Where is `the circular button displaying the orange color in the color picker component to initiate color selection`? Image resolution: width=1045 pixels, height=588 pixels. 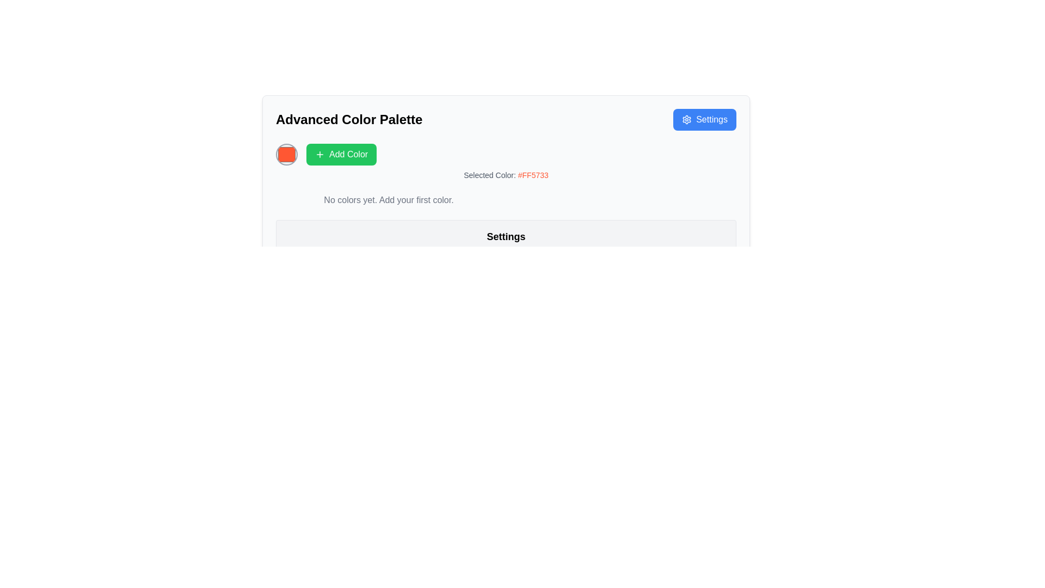 the circular button displaying the orange color in the color picker component to initiate color selection is located at coordinates (506, 155).